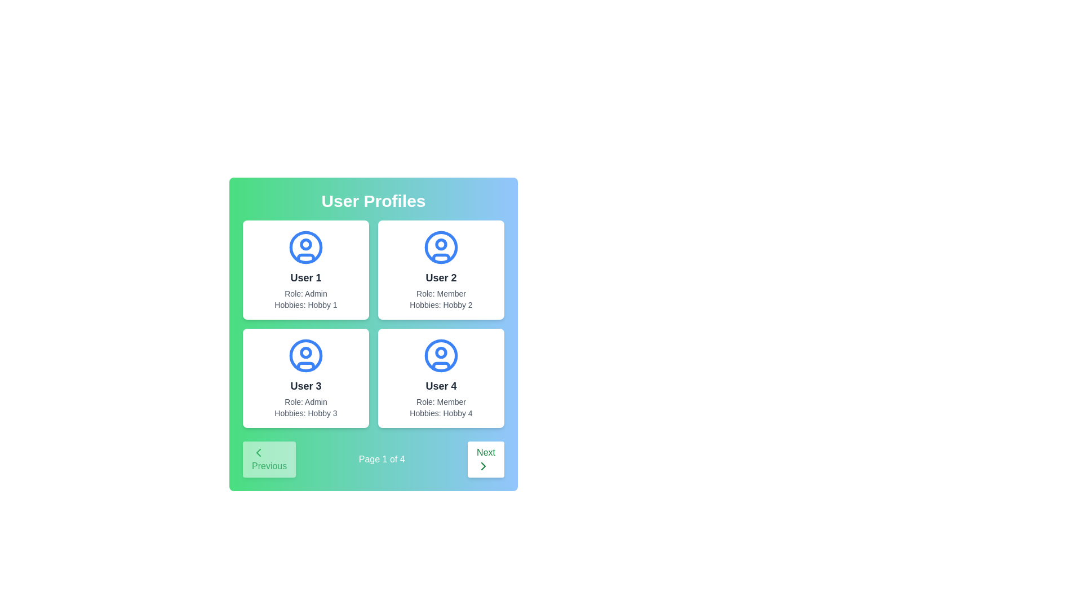  Describe the element at coordinates (440, 293) in the screenshot. I see `text label displaying the role of 'User 2' located in the User 2 profile card, positioned below the 'User 2' heading and above the 'Hobbies: Hobby 2' text` at that location.